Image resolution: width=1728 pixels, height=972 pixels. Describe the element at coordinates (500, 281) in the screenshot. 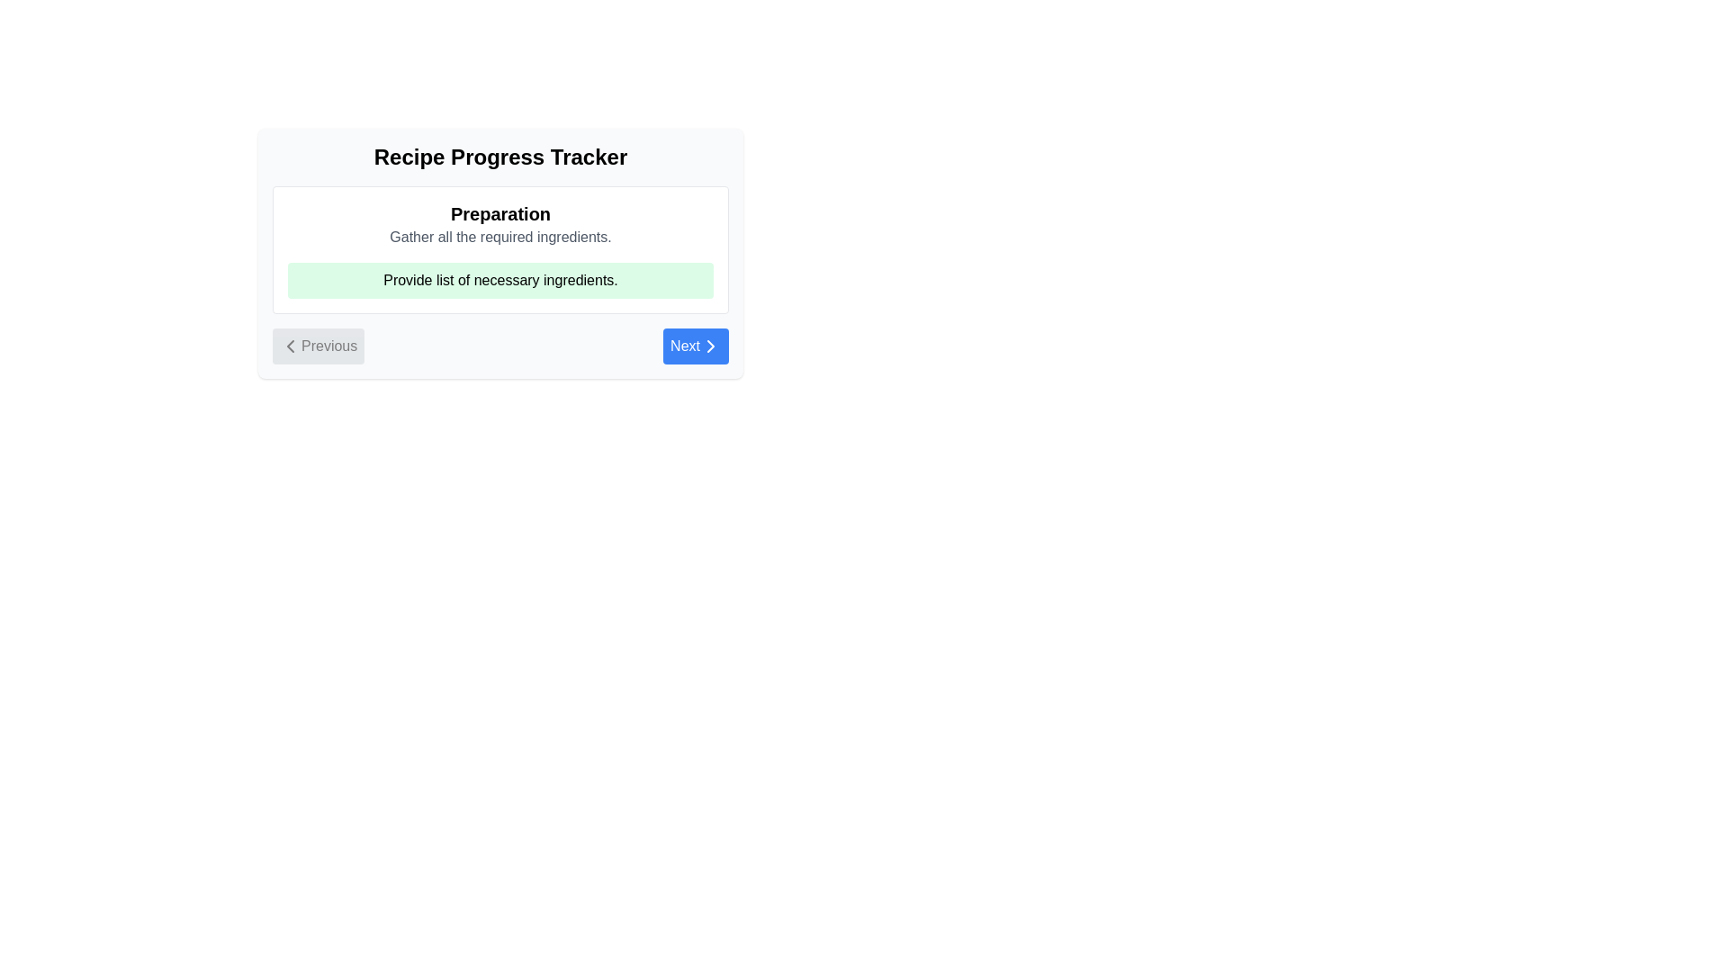

I see `the text block with the content 'Provide list of necessary ingredients.' which has a pastel green background and is located in the 'Preparation' section` at that location.